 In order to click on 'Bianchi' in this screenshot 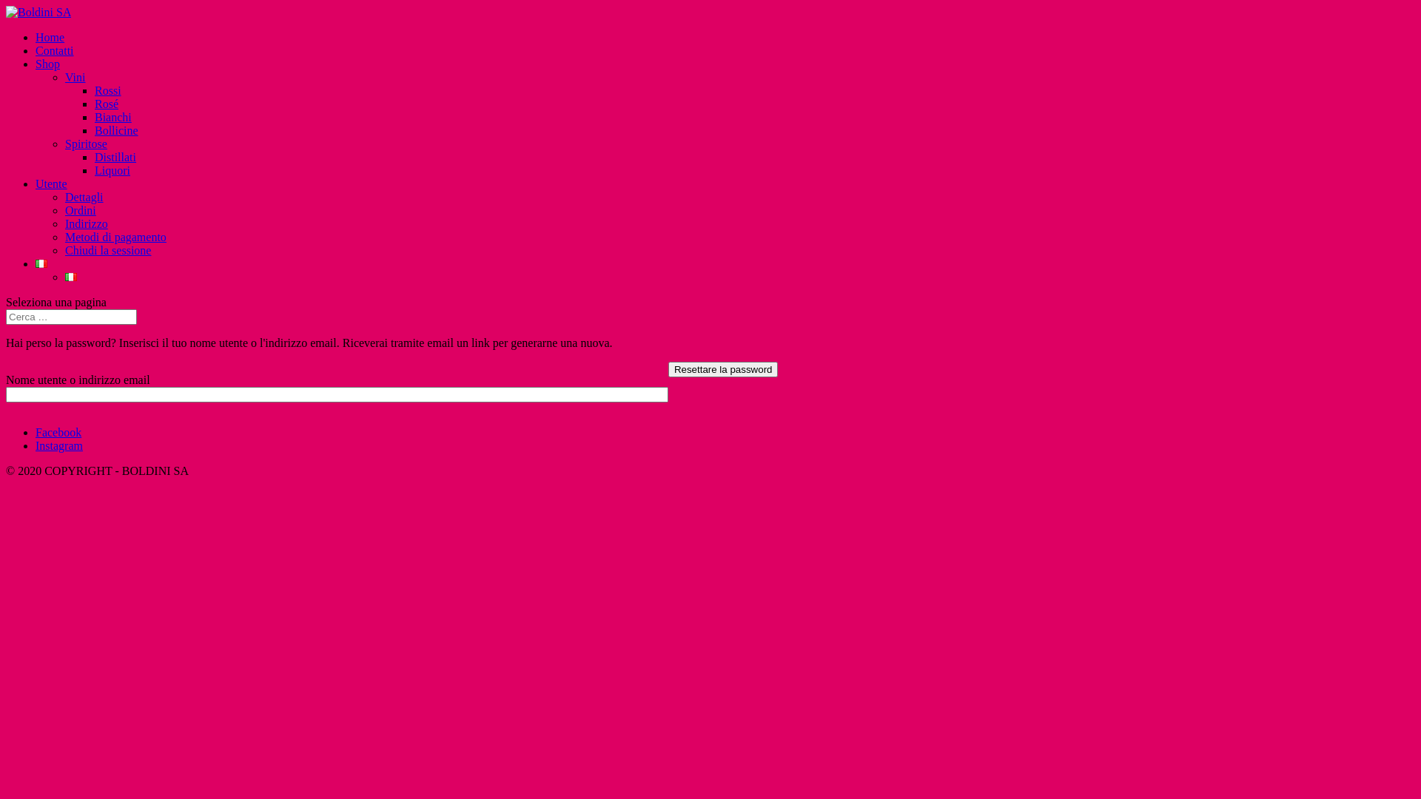, I will do `click(112, 116)`.